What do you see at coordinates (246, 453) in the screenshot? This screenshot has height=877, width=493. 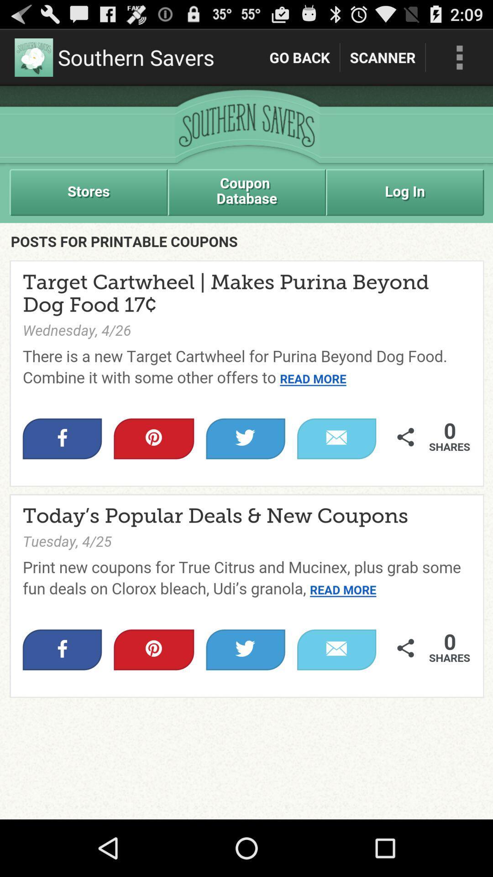 I see `savings post link` at bounding box center [246, 453].